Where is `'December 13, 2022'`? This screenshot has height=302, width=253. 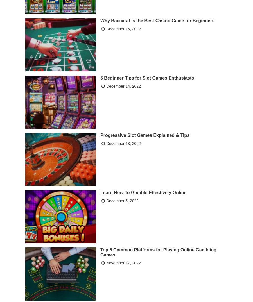 'December 13, 2022' is located at coordinates (123, 143).